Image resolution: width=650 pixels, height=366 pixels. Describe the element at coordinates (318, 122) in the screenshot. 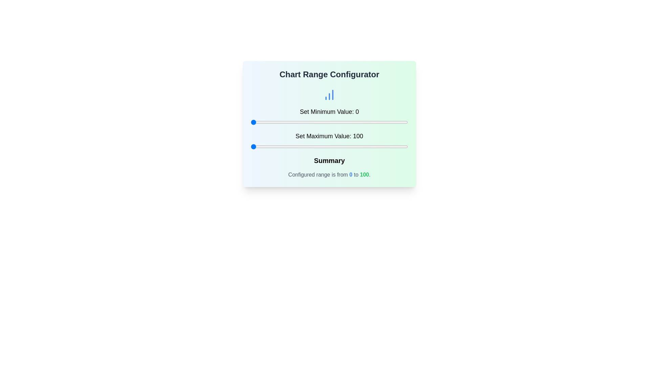

I see `the minimum value slider to set the value to 43` at that location.